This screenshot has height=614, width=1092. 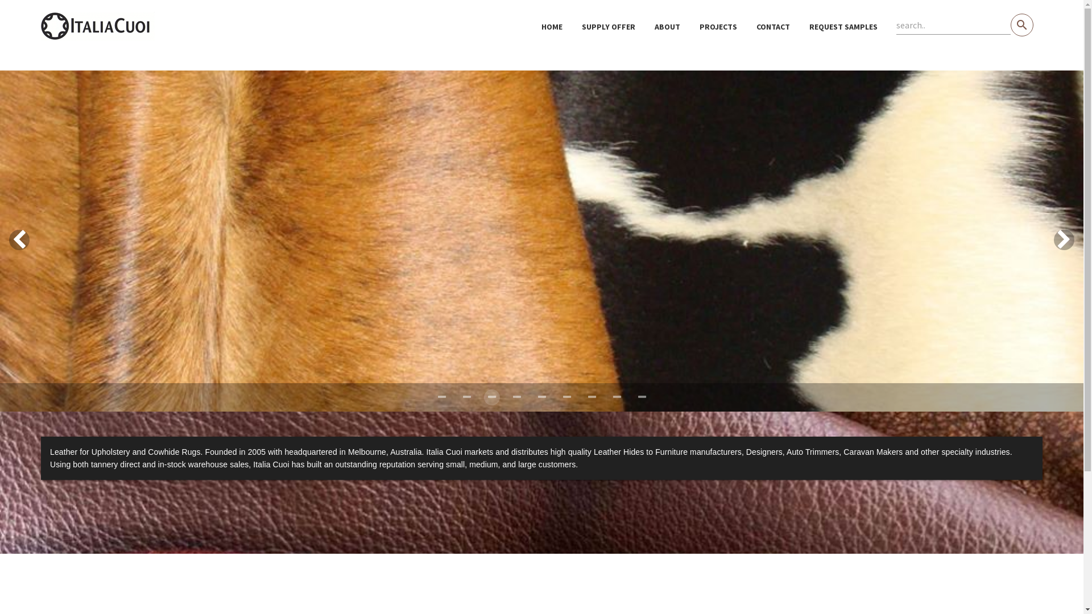 I want to click on 'SUPPLY OFFER', so click(x=608, y=26).